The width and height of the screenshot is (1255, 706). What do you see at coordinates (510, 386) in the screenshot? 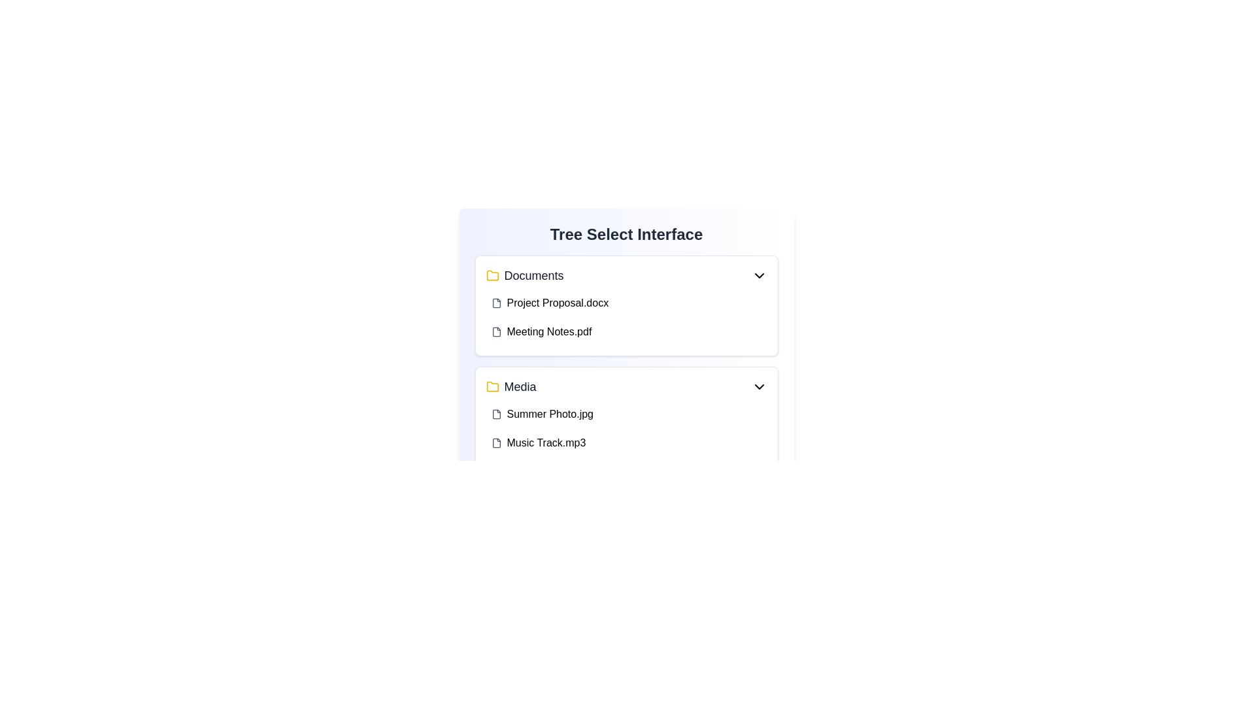
I see `the 'Media' folder item` at bounding box center [510, 386].